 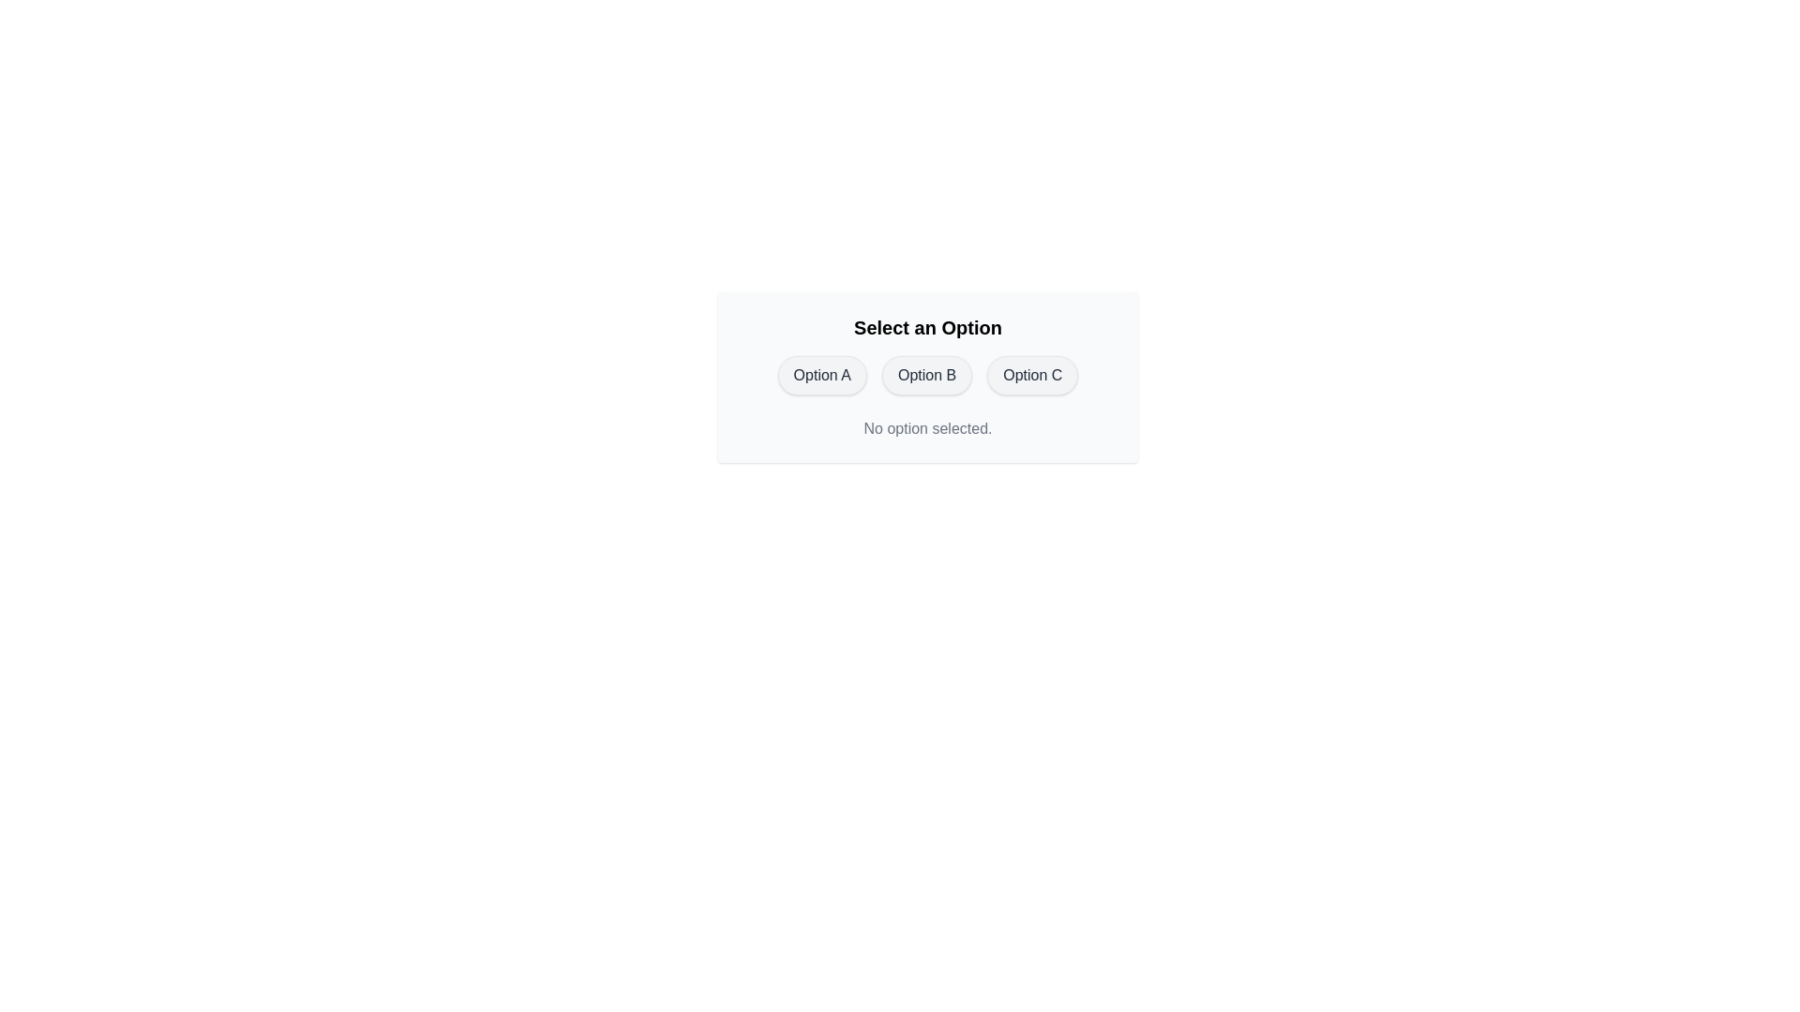 I want to click on the button corresponding to Option B to select it, so click(x=926, y=376).